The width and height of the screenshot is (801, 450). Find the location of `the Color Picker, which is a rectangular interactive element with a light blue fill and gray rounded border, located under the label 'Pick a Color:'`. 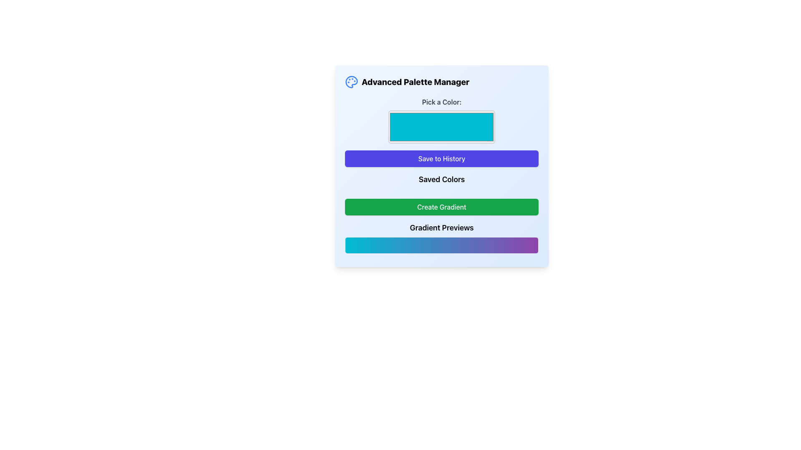

the Color Picker, which is a rectangular interactive element with a light blue fill and gray rounded border, located under the label 'Pick a Color:' is located at coordinates (441, 120).